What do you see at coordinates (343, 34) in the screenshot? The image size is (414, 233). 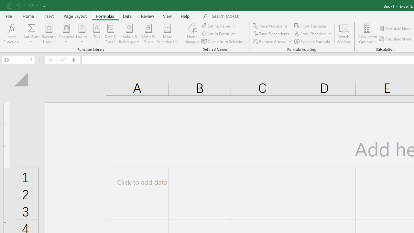 I see `'Watch Window'` at bounding box center [343, 34].